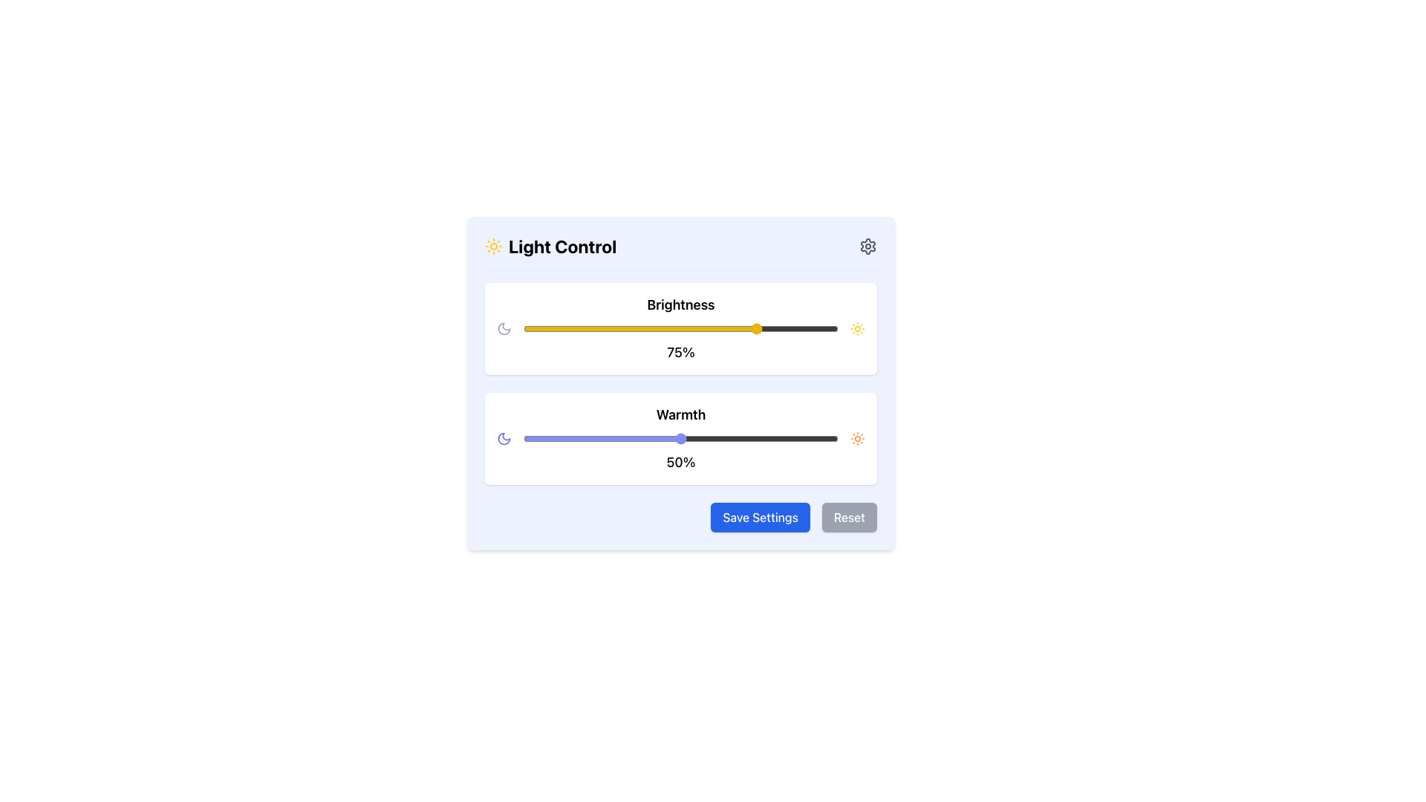 The image size is (1426, 802). What do you see at coordinates (494, 245) in the screenshot?
I see `light control icon located to the left of the 'Light Control' text in the header section of the interface` at bounding box center [494, 245].